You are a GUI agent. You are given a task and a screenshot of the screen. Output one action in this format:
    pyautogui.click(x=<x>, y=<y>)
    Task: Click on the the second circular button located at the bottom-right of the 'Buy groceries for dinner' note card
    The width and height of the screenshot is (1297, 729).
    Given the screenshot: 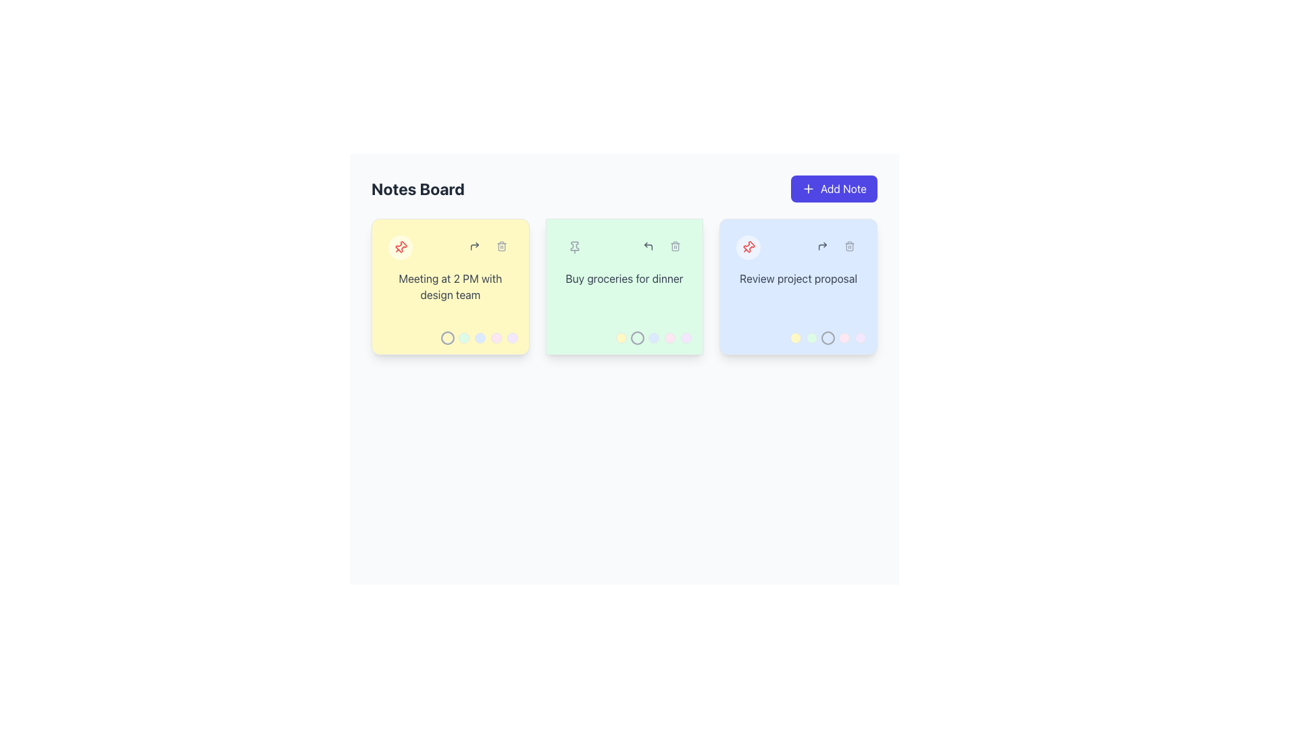 What is the action you would take?
    pyautogui.click(x=637, y=337)
    